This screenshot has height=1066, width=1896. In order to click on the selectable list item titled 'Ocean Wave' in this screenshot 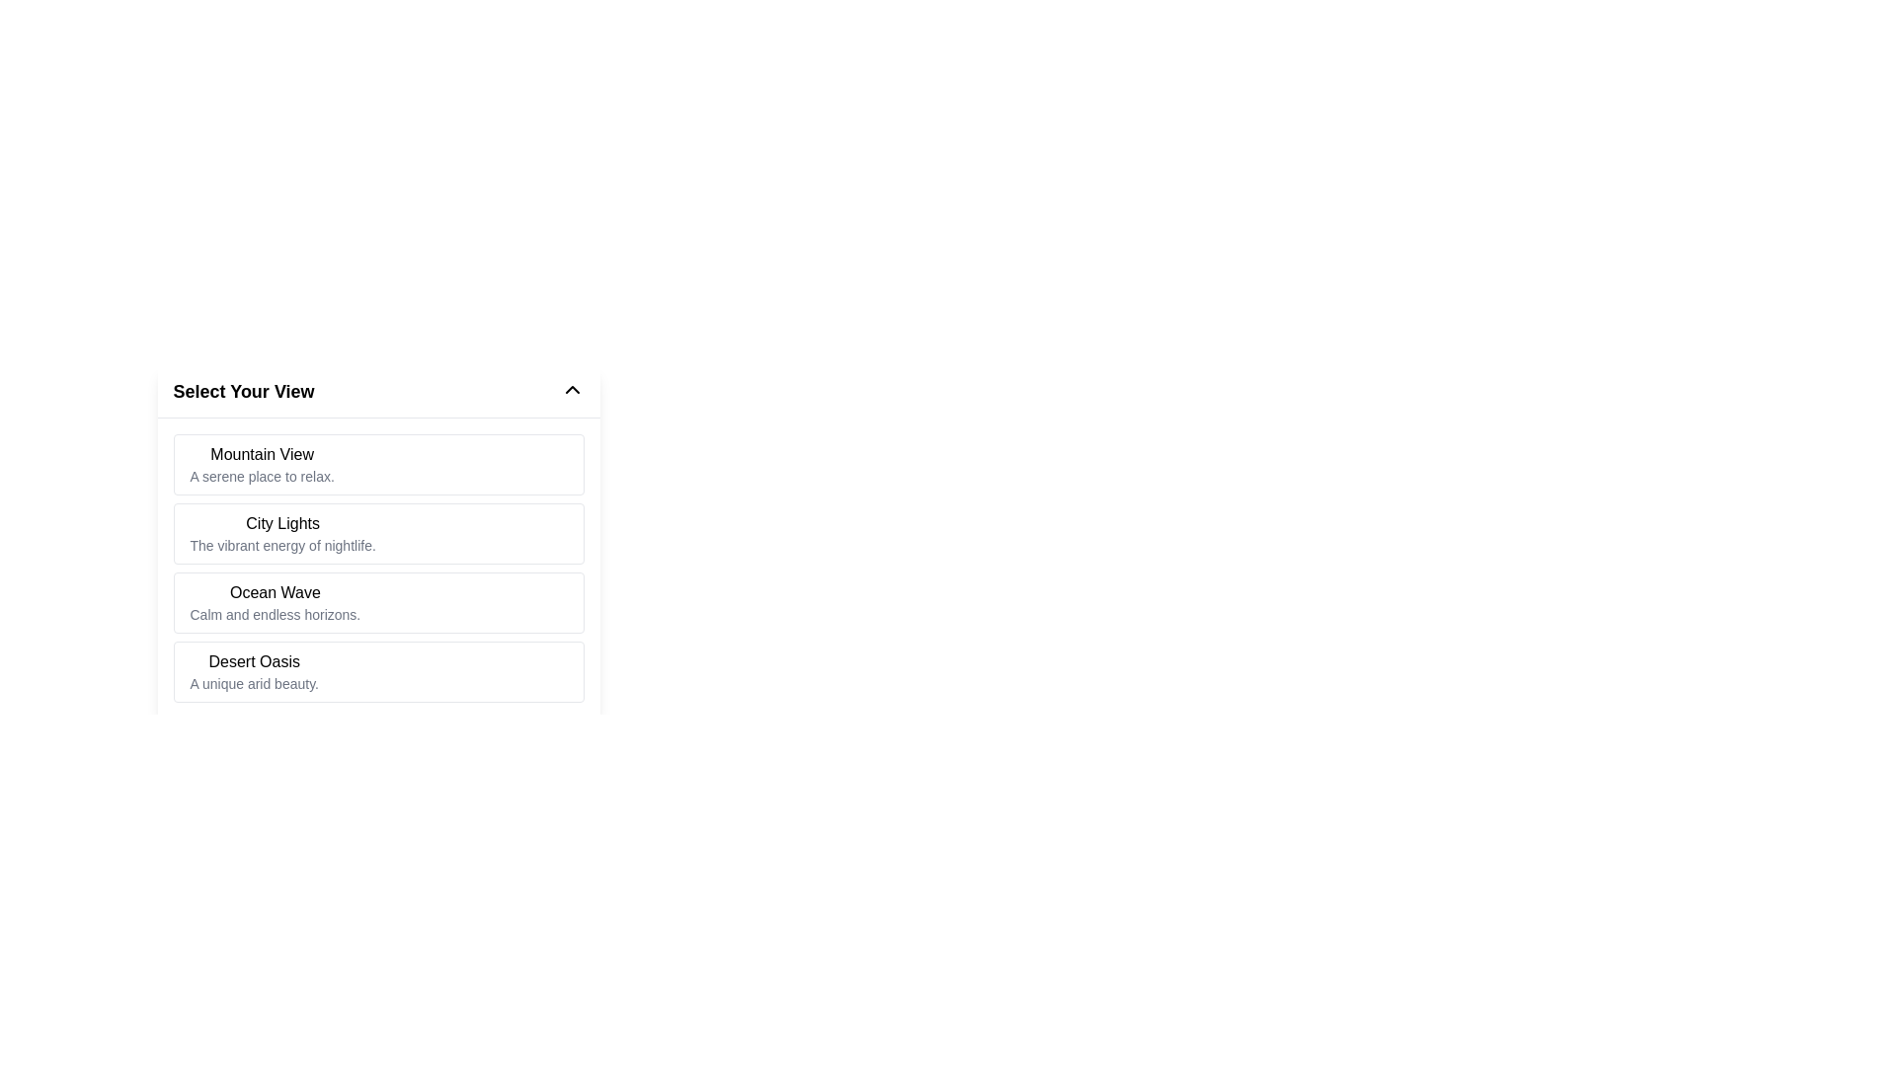, I will do `click(378, 601)`.